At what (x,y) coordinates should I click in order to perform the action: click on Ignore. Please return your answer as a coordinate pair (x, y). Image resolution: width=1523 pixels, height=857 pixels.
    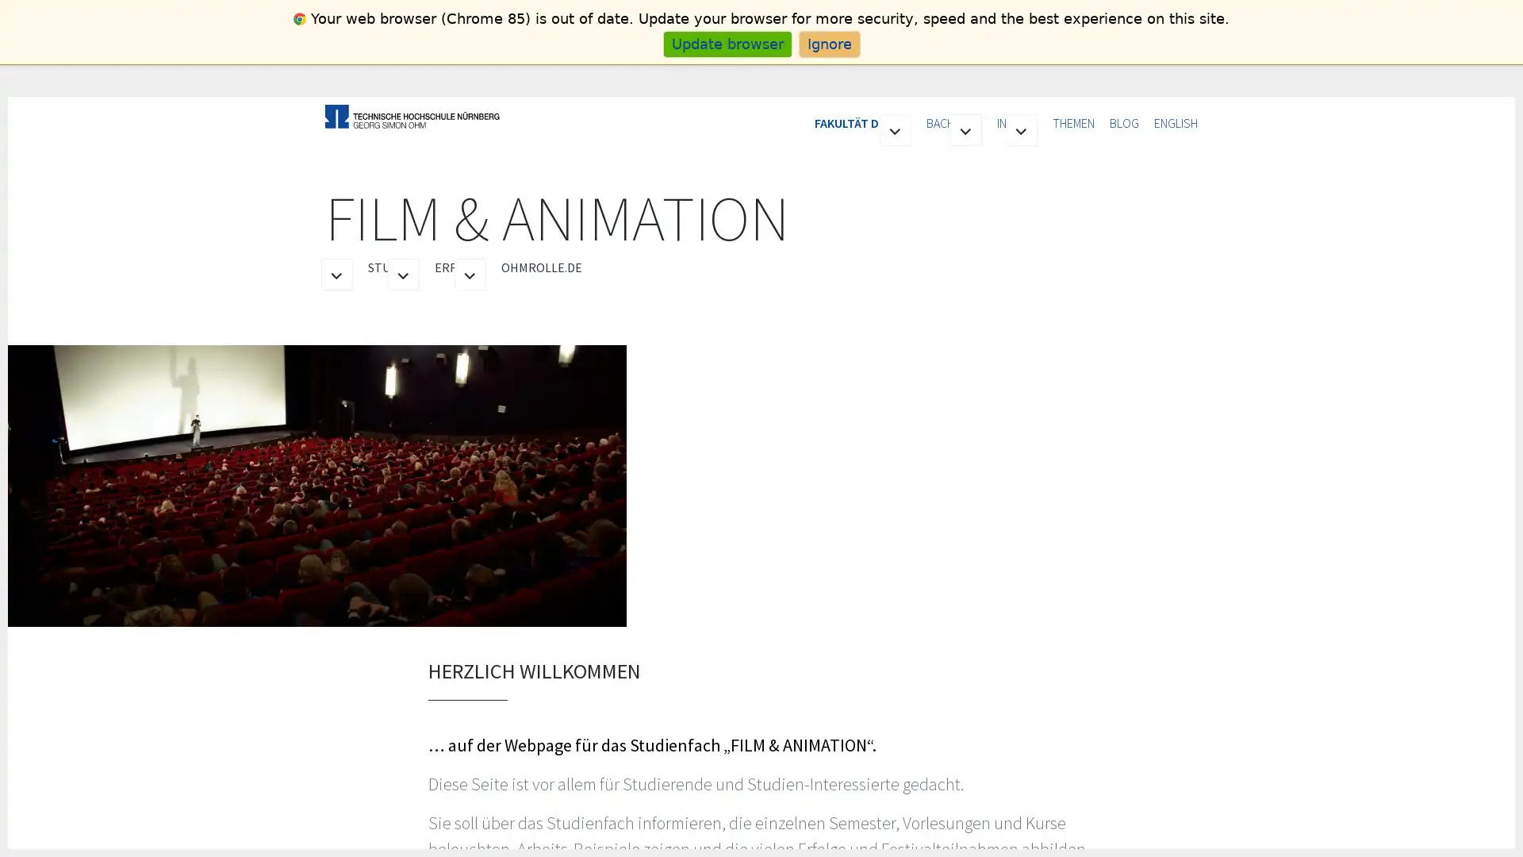
    Looking at the image, I should click on (828, 43).